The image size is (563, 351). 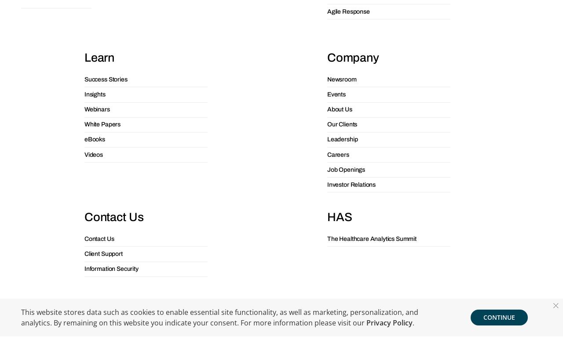 What do you see at coordinates (219, 159) in the screenshot?
I see `'This website stores data such as cookies to enable essential site functionality, as well as marketing, personalization, and analytics. By remaining on this website you indicate your consent. For more information please visit our'` at bounding box center [219, 159].